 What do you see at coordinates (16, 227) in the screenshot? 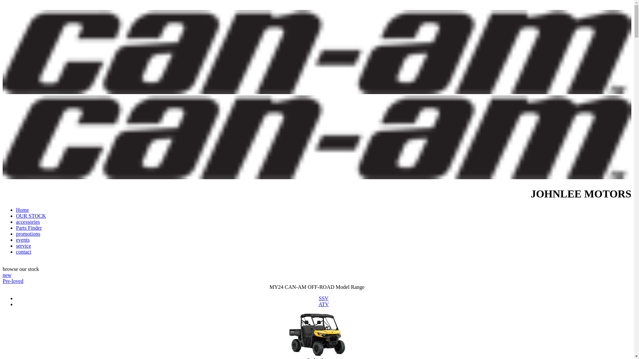
I see `'Parts Finder'` at bounding box center [16, 227].